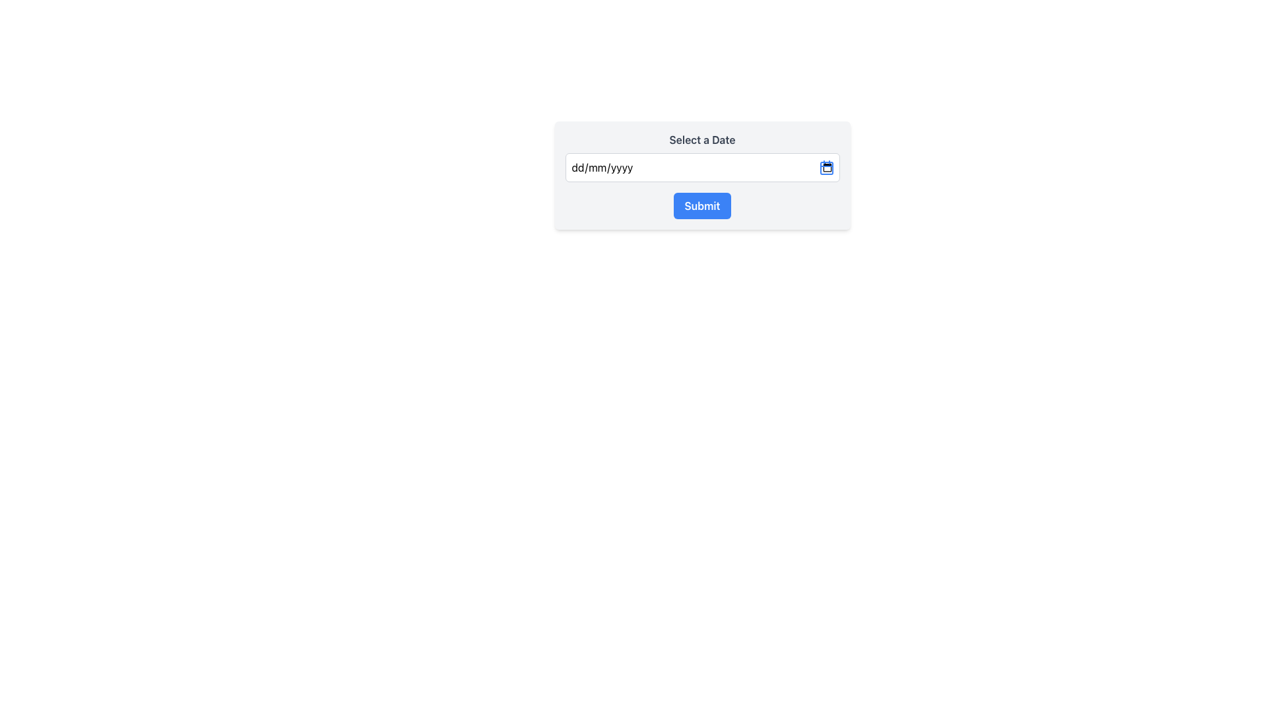 Image resolution: width=1267 pixels, height=713 pixels. I want to click on the calendar icon located to the far right of the date input field, so click(826, 167).